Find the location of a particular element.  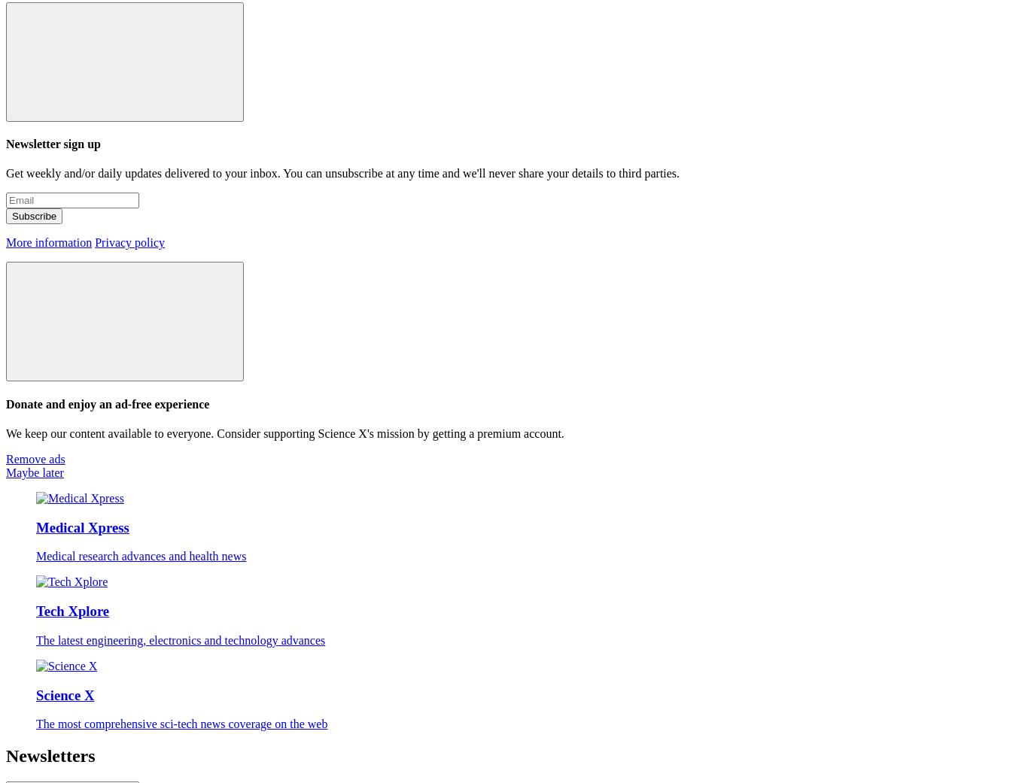

'Newsletters' is located at coordinates (50, 755).